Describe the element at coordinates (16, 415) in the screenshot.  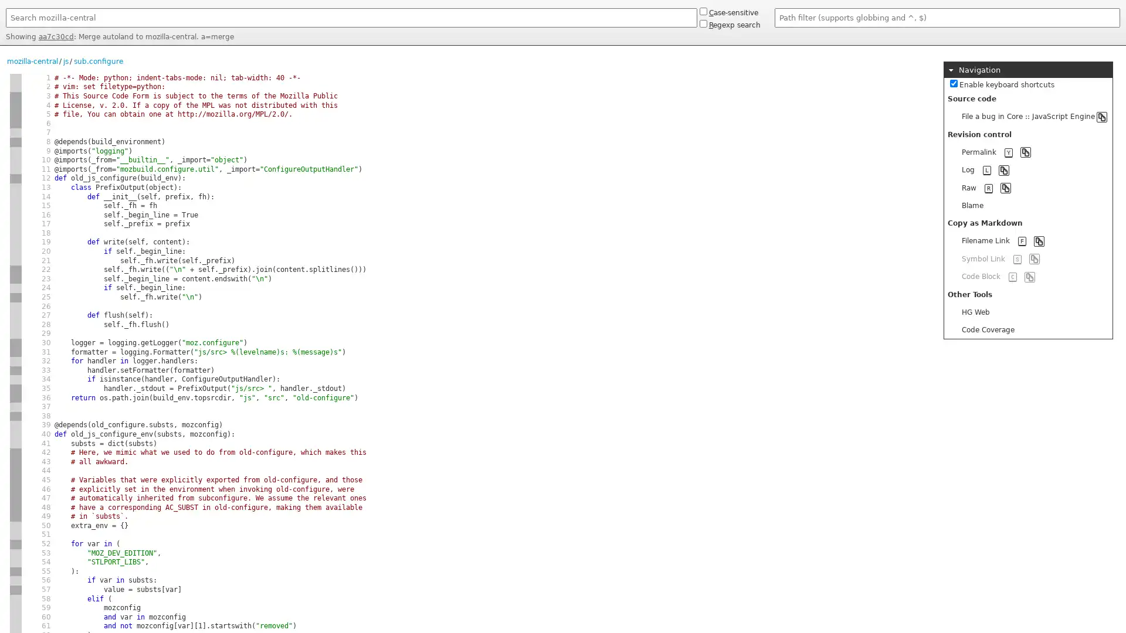
I see `new hash 2` at that location.